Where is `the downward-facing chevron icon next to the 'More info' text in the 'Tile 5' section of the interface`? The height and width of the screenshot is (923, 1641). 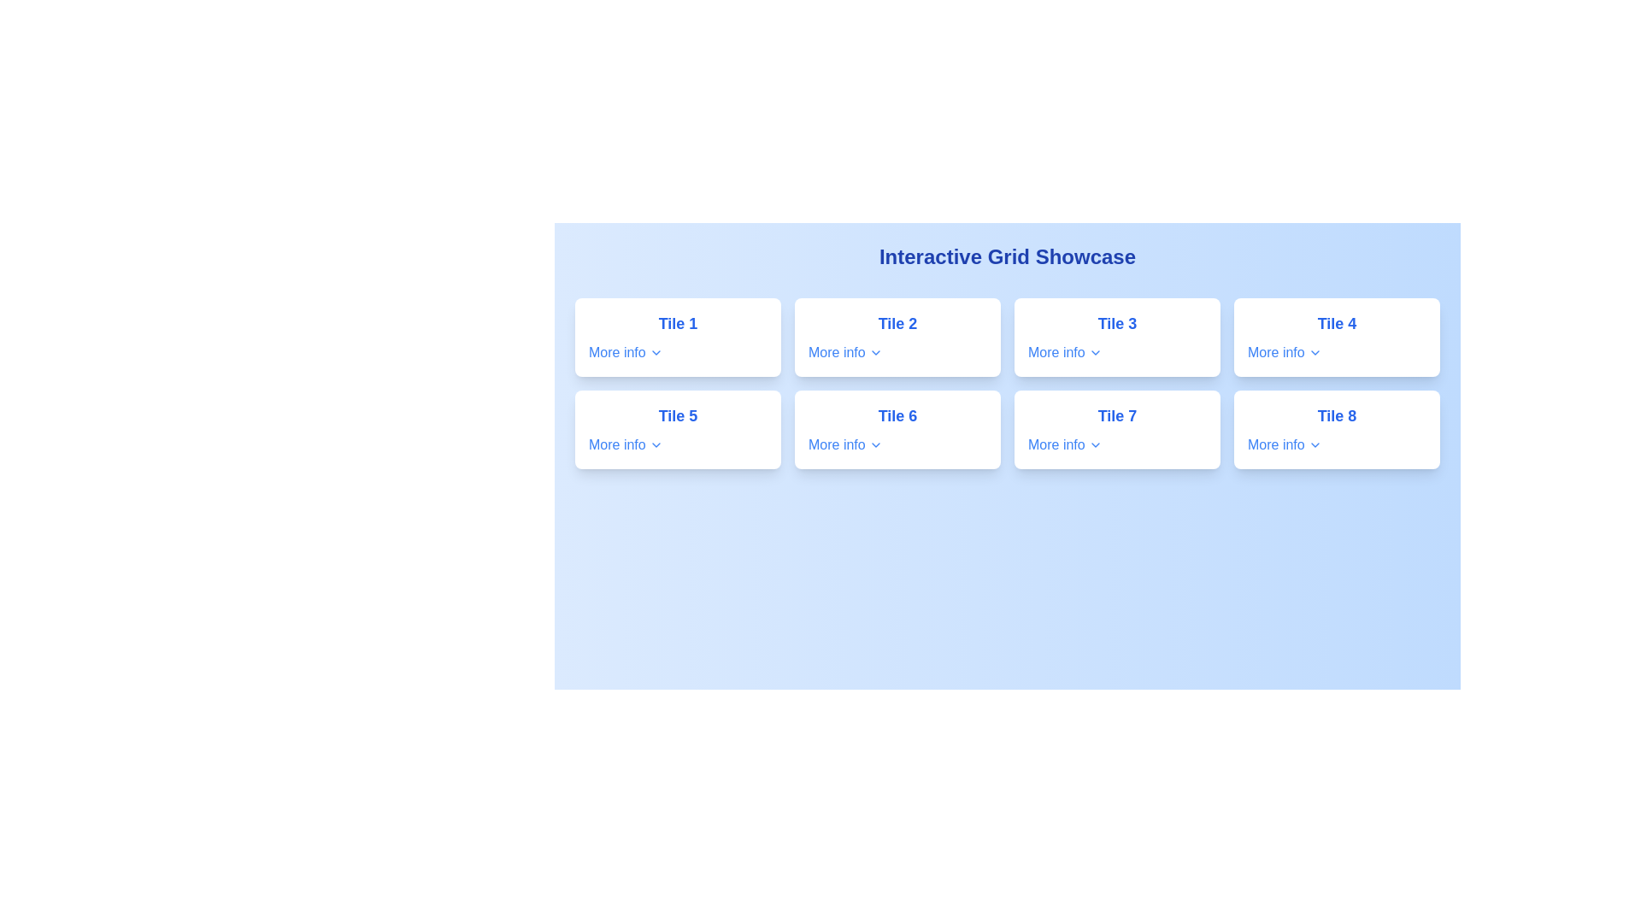 the downward-facing chevron icon next to the 'More info' text in the 'Tile 5' section of the interface is located at coordinates (655, 444).